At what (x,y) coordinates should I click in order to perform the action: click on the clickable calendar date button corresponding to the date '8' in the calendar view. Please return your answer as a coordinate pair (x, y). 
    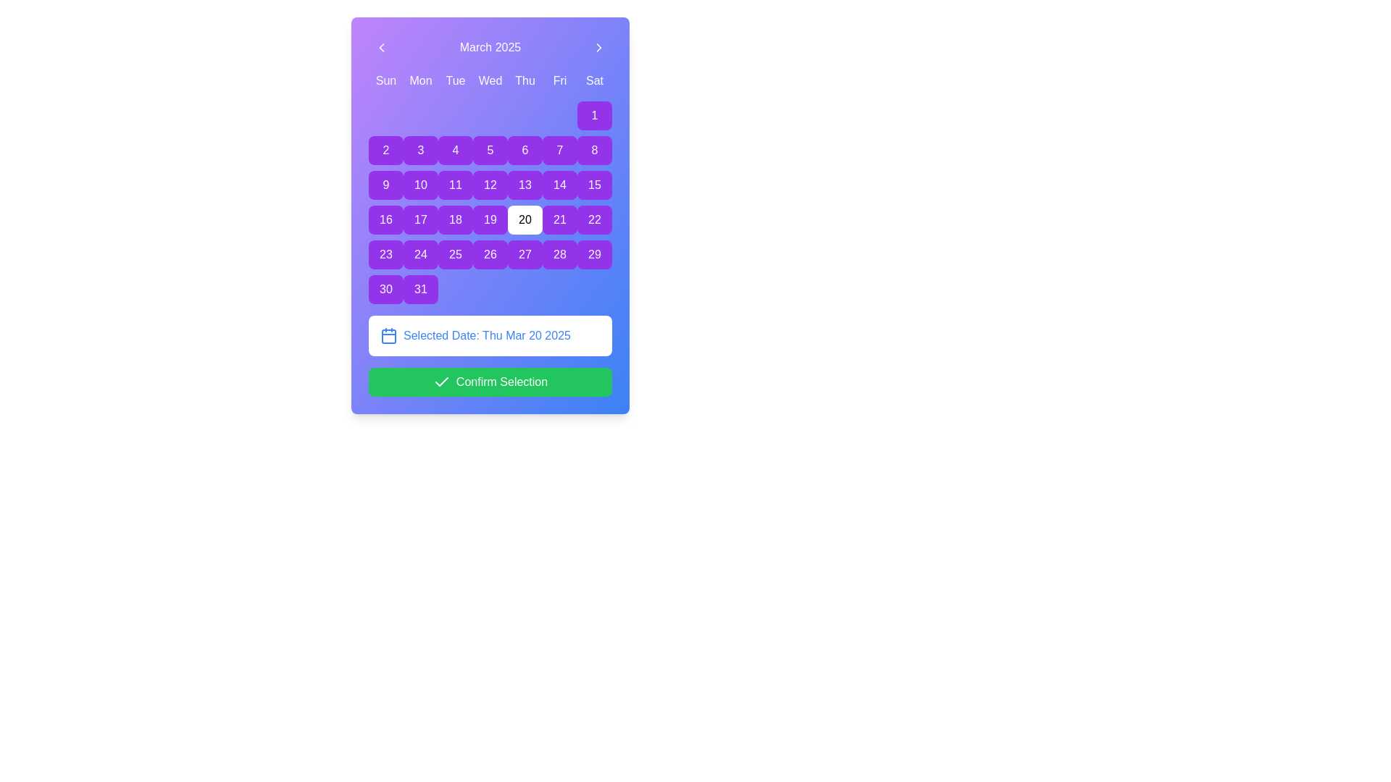
    Looking at the image, I should click on (594, 151).